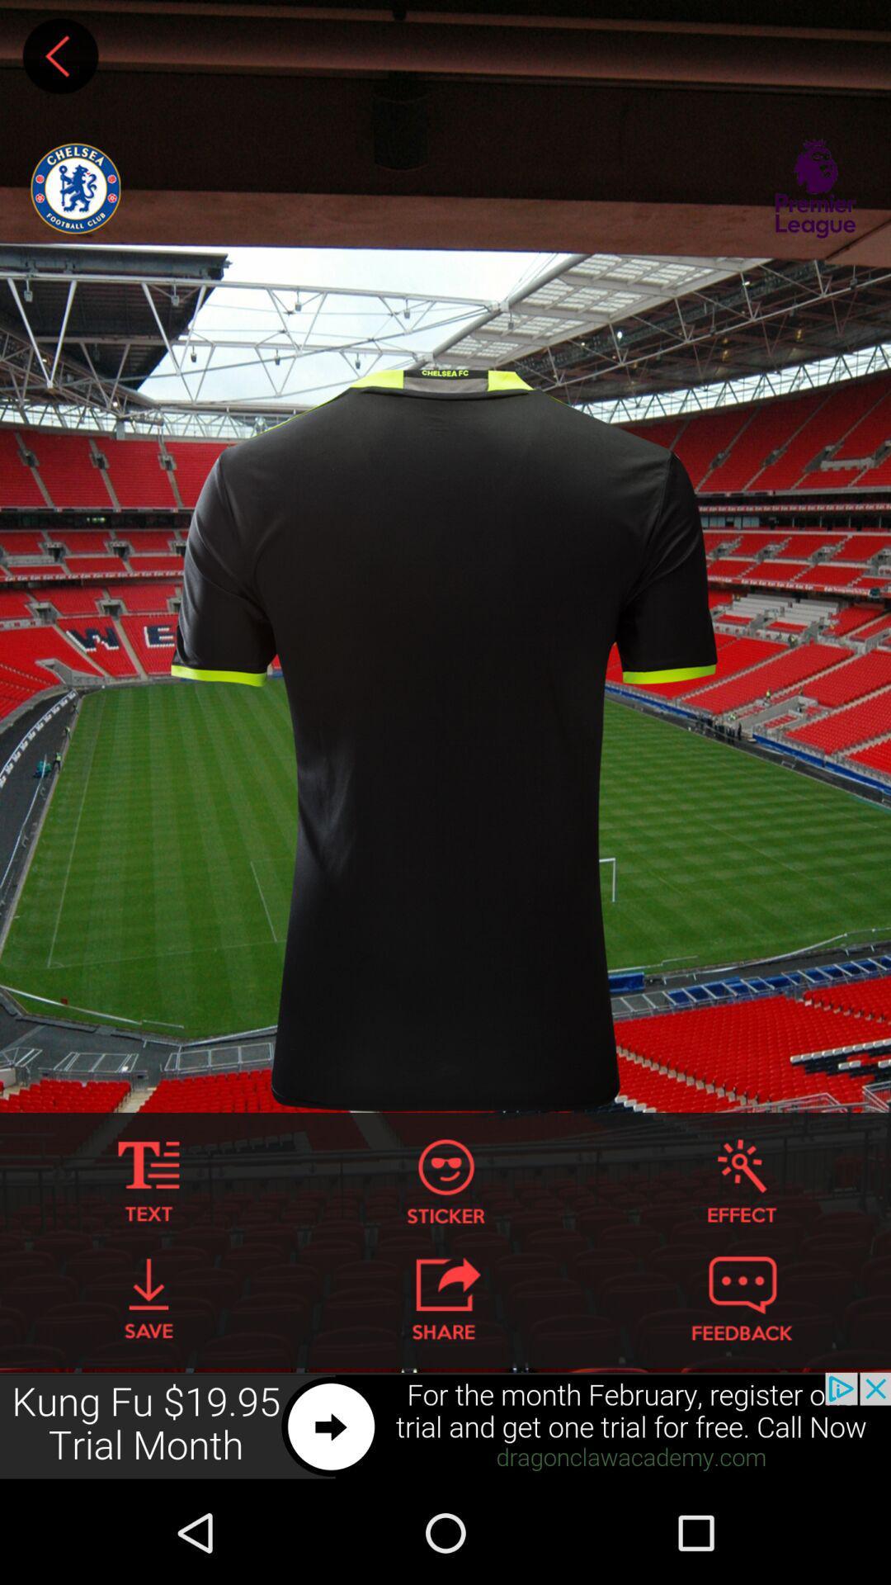 The width and height of the screenshot is (891, 1585). I want to click on and download option, so click(148, 1298).